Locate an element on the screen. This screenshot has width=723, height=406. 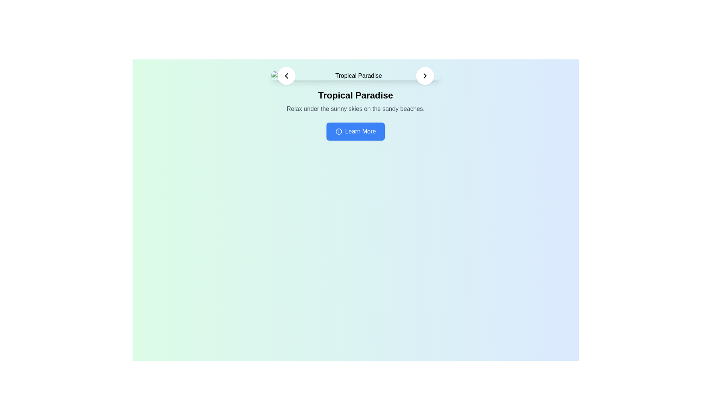
the static text reading 'Relax under the sunny skies on the sandy beaches.', which is positioned directly below the title 'Tropical Paradise' and centered within the page is located at coordinates (355, 109).